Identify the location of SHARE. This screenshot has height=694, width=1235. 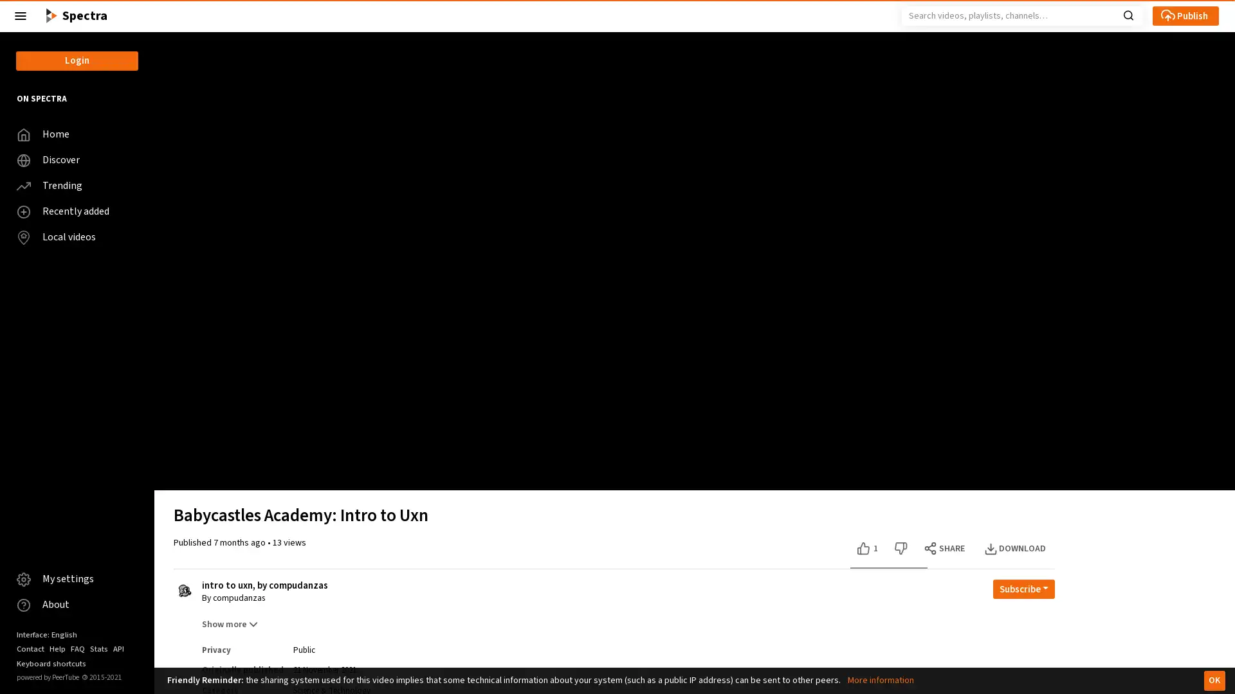
(945, 548).